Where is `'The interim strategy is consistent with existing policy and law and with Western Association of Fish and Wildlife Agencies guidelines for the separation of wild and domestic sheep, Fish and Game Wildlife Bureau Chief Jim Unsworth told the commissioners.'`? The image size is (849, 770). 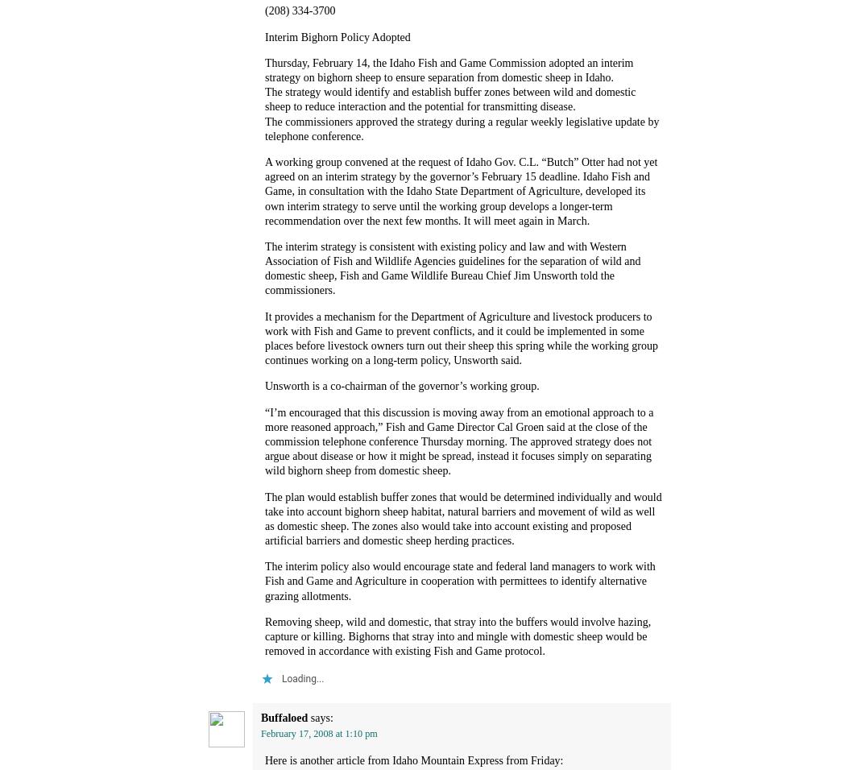
'The interim strategy is consistent with existing policy and law and with Western Association of Fish and Wildlife Agencies guidelines for the separation of wild and domestic sheep, Fish and Game Wildlife Bureau Chief Jim Unsworth told the commissioners.' is located at coordinates (452, 267).